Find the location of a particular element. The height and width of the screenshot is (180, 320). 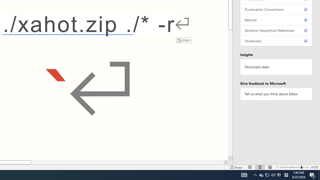

'Action: Paste alternatives' is located at coordinates (183, 40).